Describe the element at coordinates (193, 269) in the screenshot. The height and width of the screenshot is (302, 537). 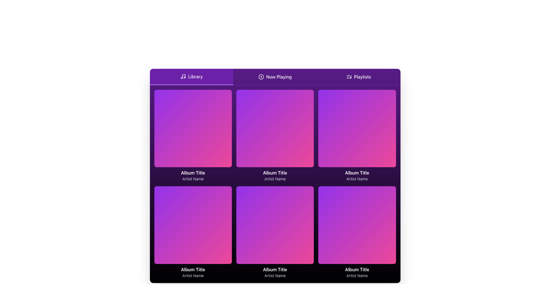
I see `text content of the 'Album Title' label, which is a bold text located in the bottom-left card of a three-by-two grid layout, positioned above 'Artist Name'` at that location.